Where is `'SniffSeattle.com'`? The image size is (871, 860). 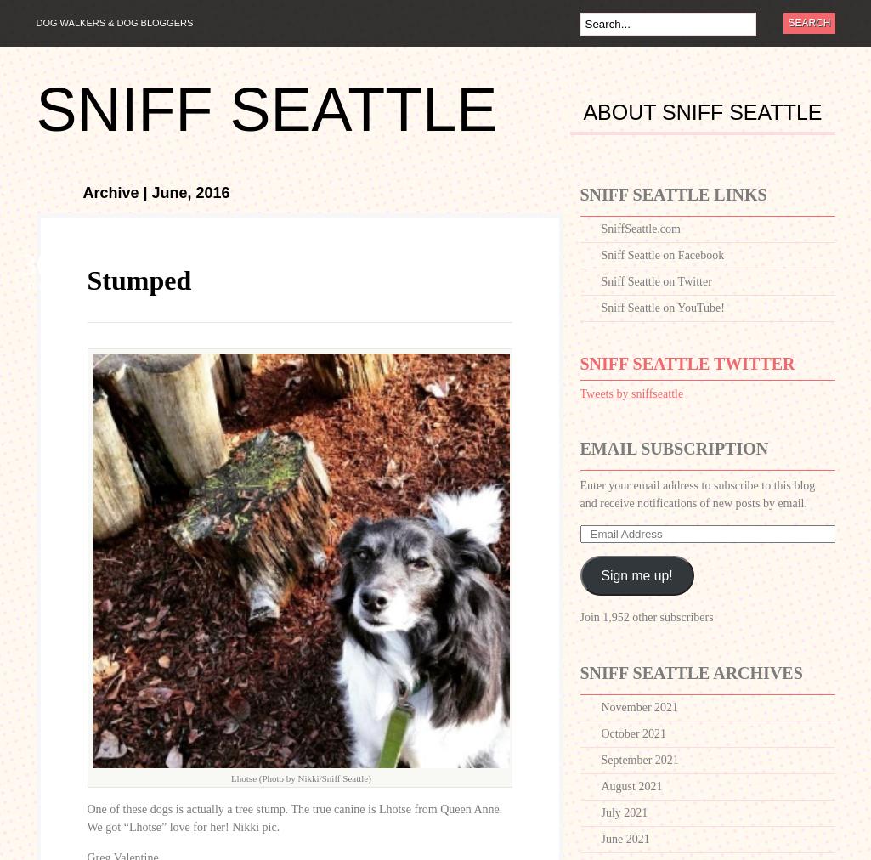 'SniffSeattle.com' is located at coordinates (640, 228).